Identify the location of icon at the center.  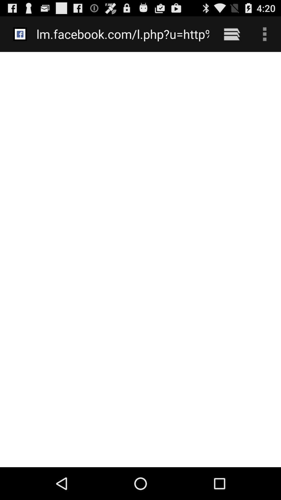
(140, 259).